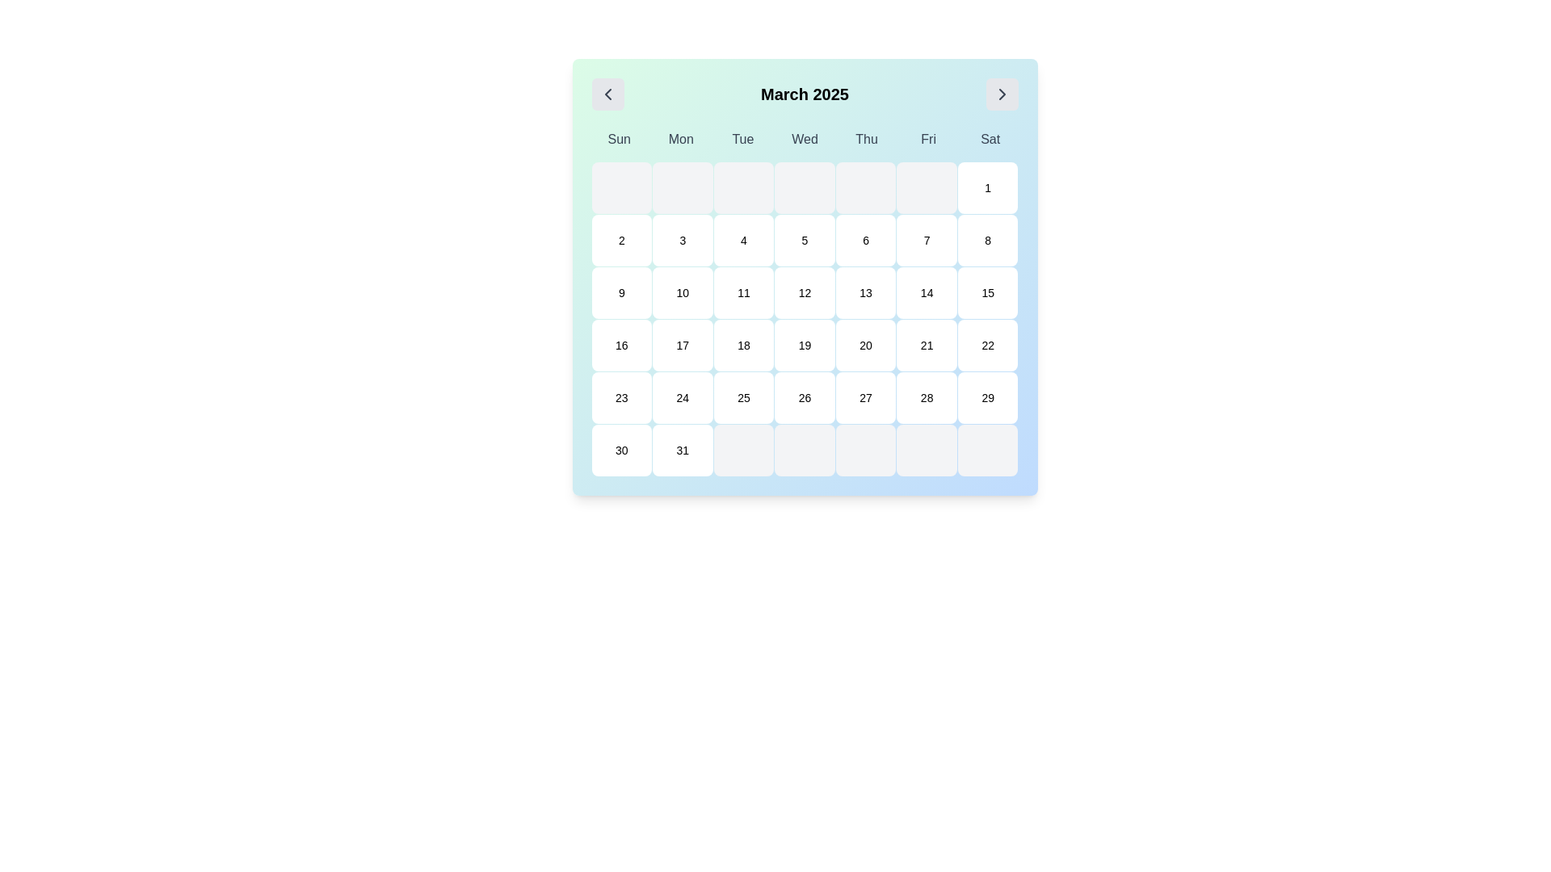 The width and height of the screenshot is (1551, 872). What do you see at coordinates (990, 139) in the screenshot?
I see `the Text label indicating Saturday in the calendar interface, located at the top-right corner next to the 'Fri' label` at bounding box center [990, 139].